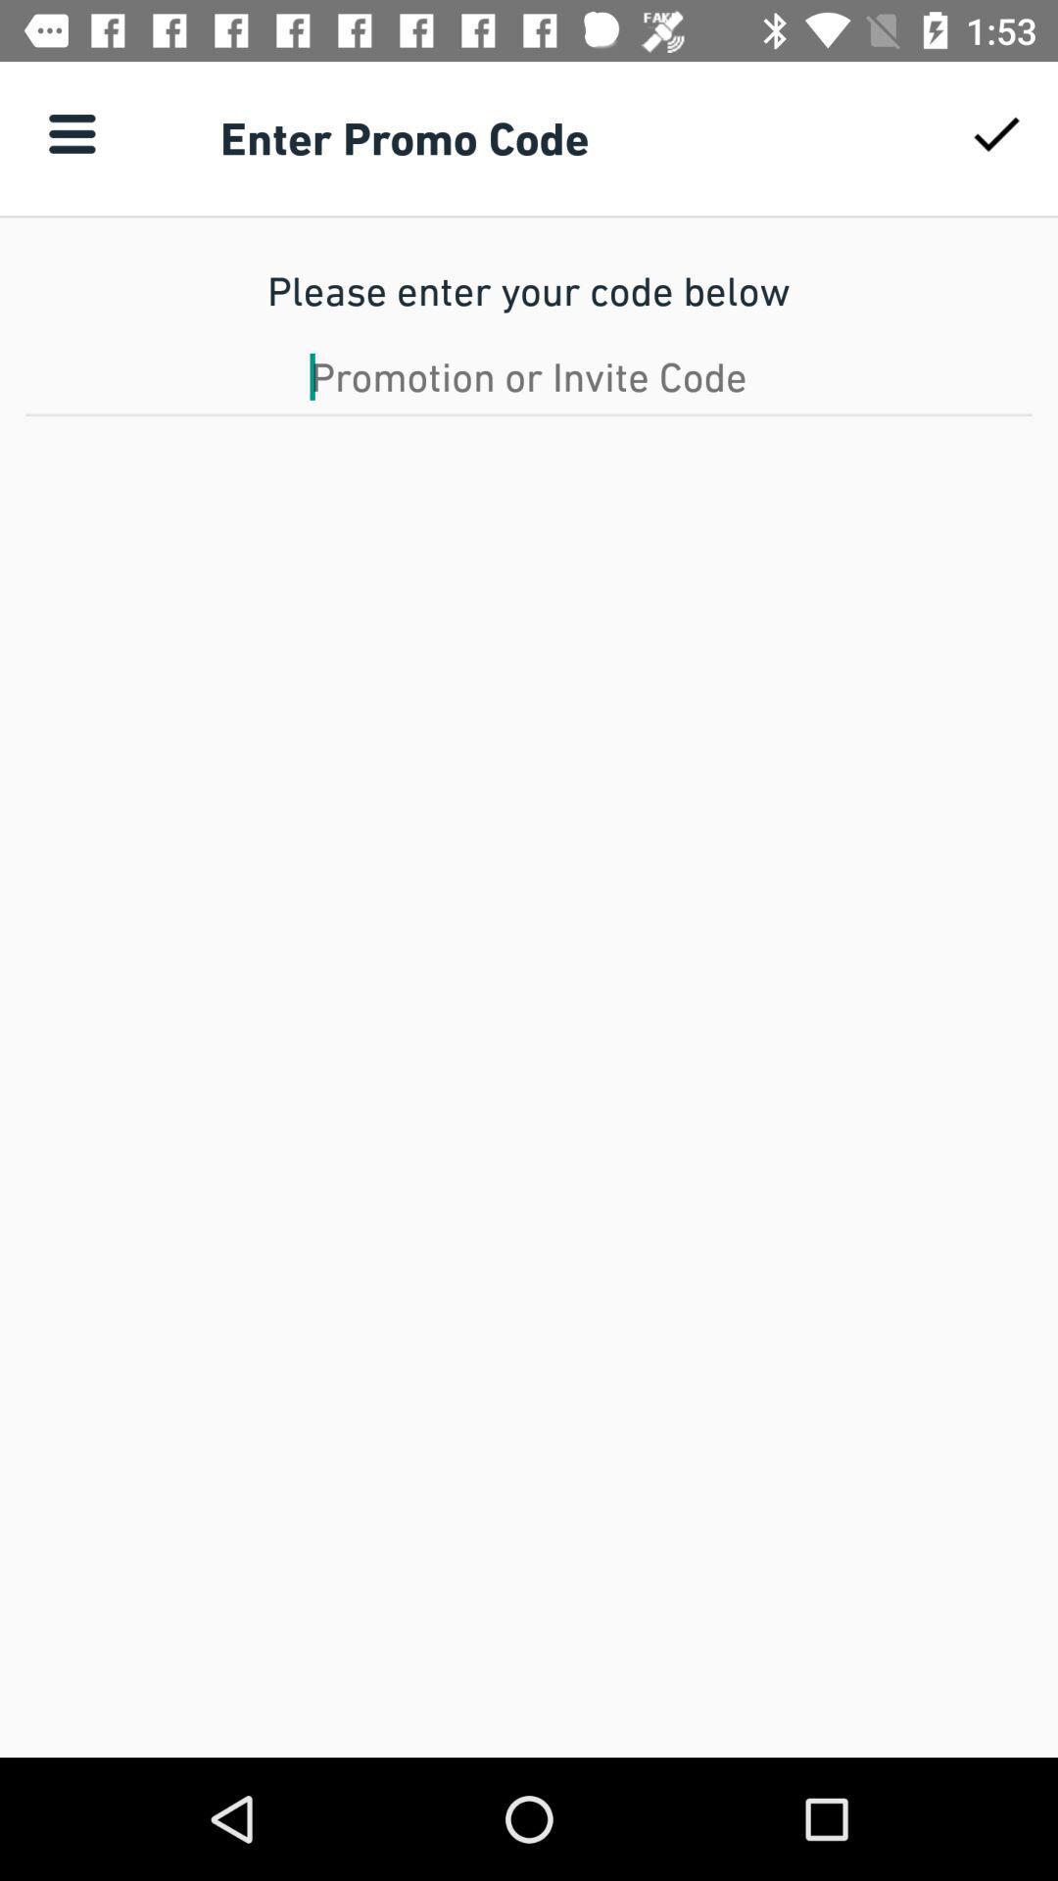  Describe the element at coordinates (71, 132) in the screenshot. I see `the item next to enter promo code icon` at that location.